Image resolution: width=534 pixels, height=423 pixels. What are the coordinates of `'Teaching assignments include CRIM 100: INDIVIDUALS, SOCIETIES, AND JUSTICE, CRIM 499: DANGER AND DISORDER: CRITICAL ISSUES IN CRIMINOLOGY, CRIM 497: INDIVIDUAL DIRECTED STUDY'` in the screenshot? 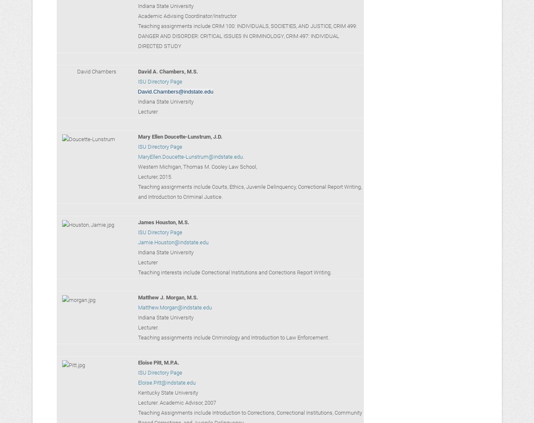 It's located at (247, 35).